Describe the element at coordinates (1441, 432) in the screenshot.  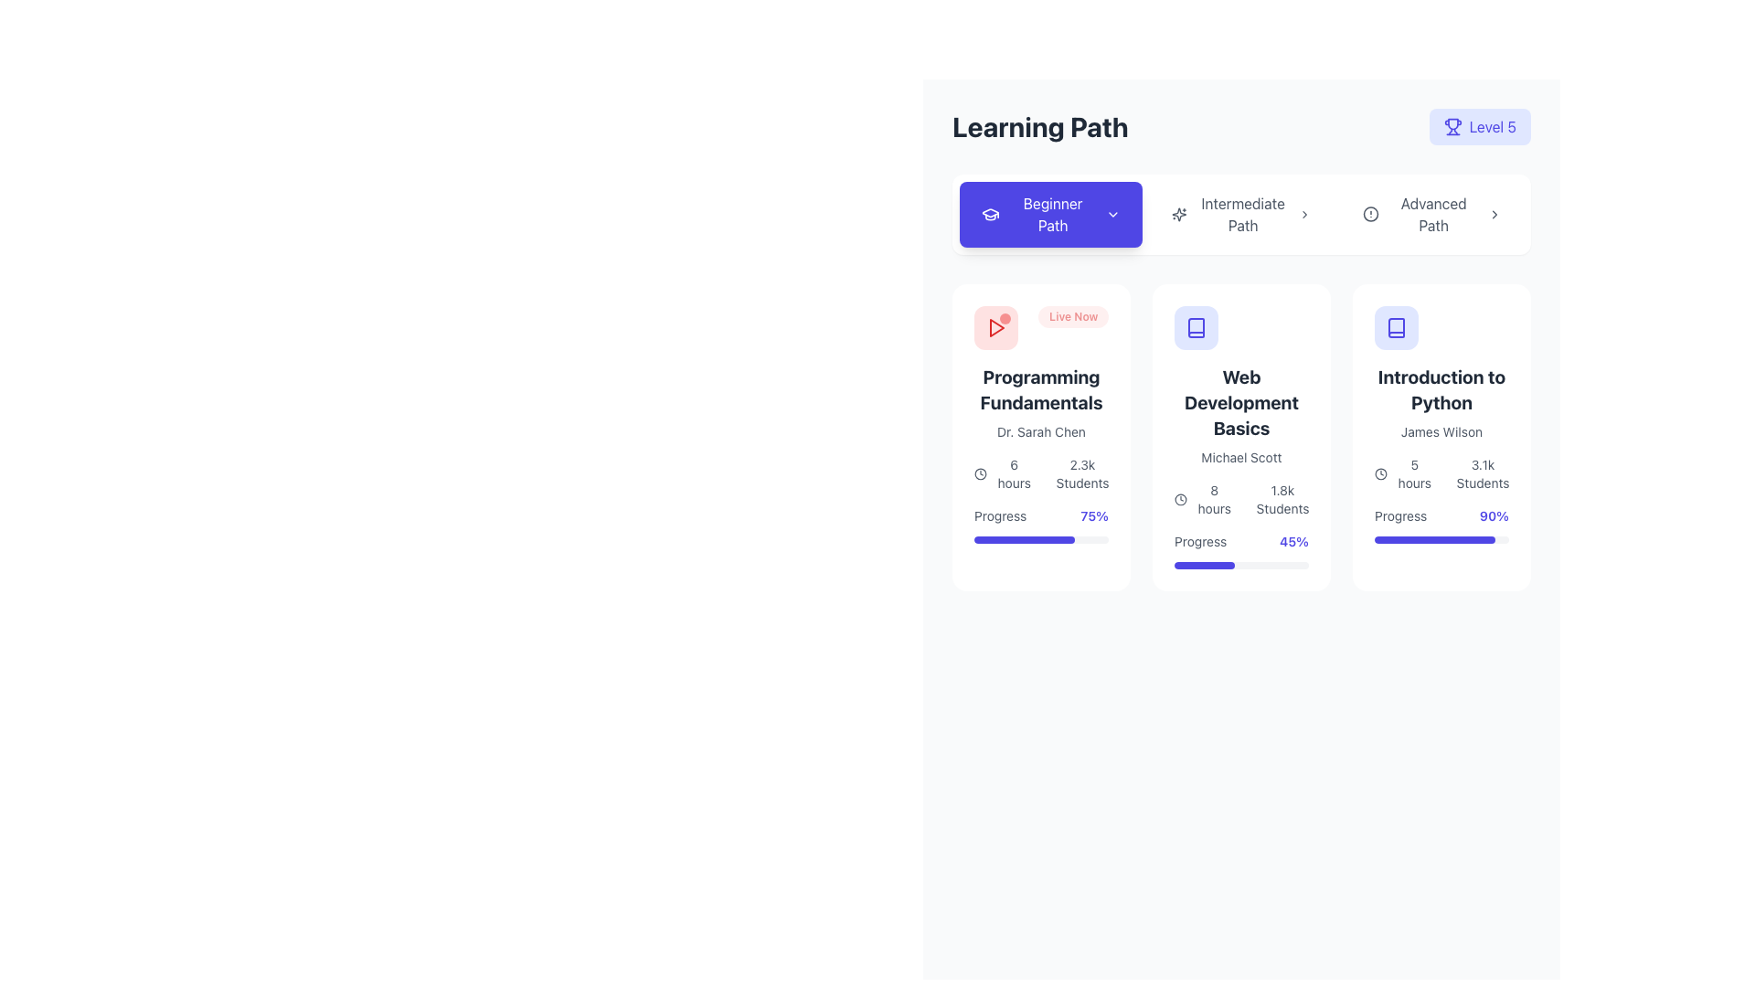
I see `the static text label displaying the name 'James Wilson', which is styled in gray and positioned below the title of the 'Introduction to Python' card` at that location.